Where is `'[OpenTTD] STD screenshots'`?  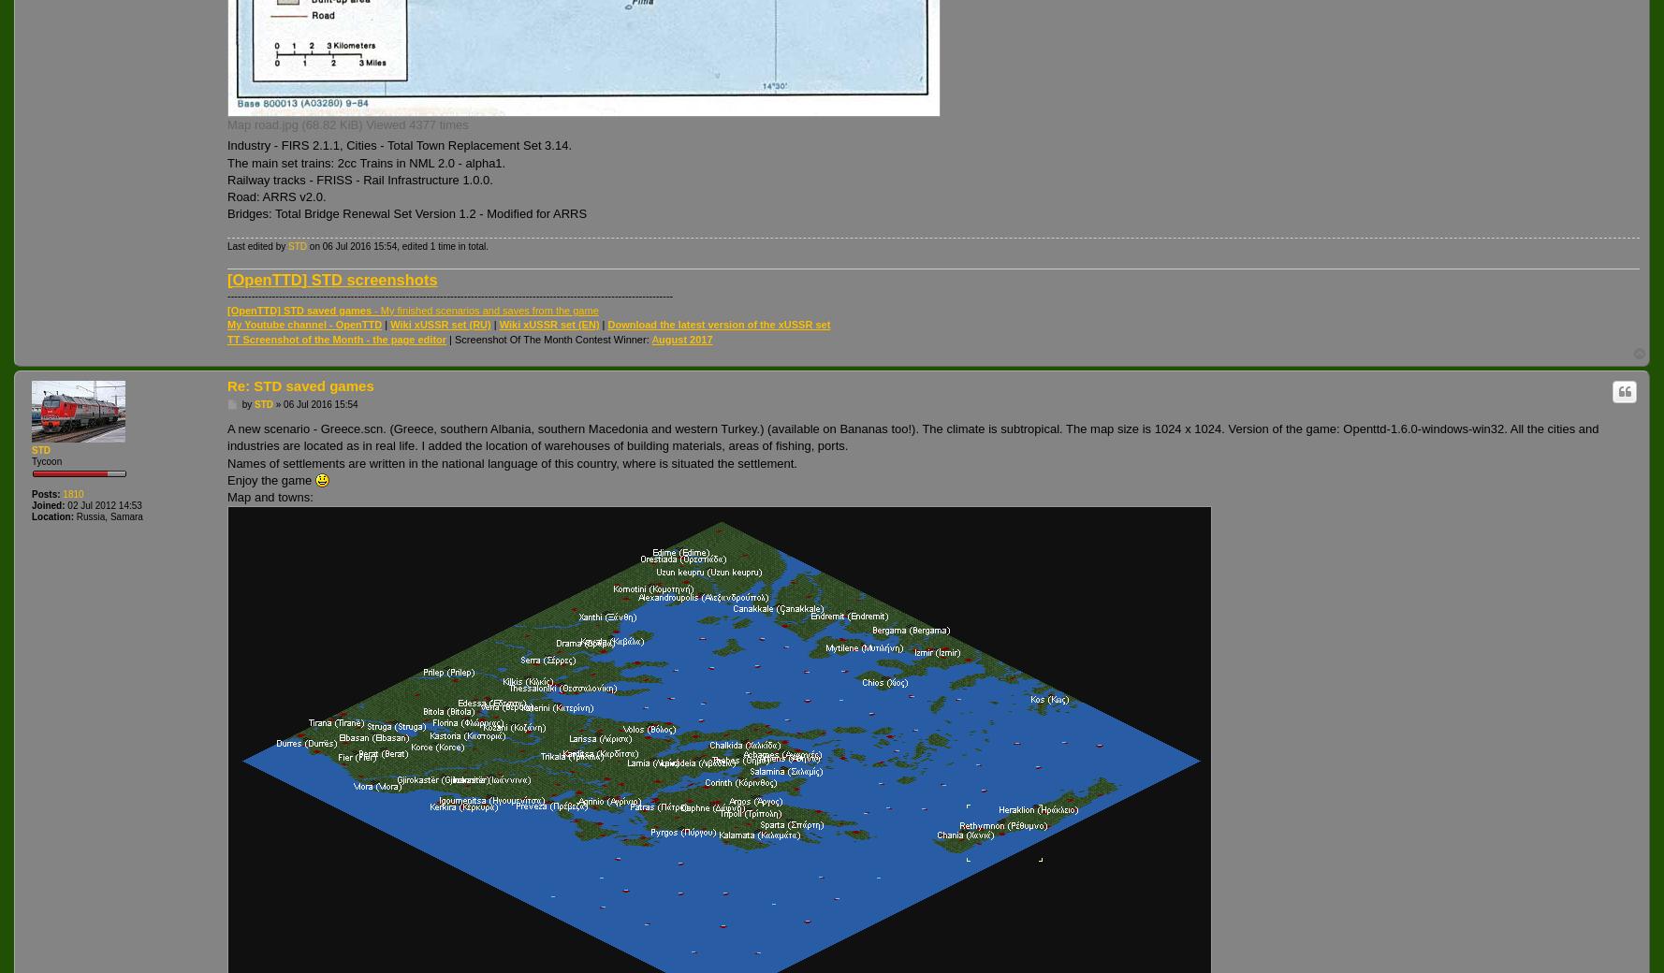 '[OpenTTD] STD screenshots' is located at coordinates (331, 279).